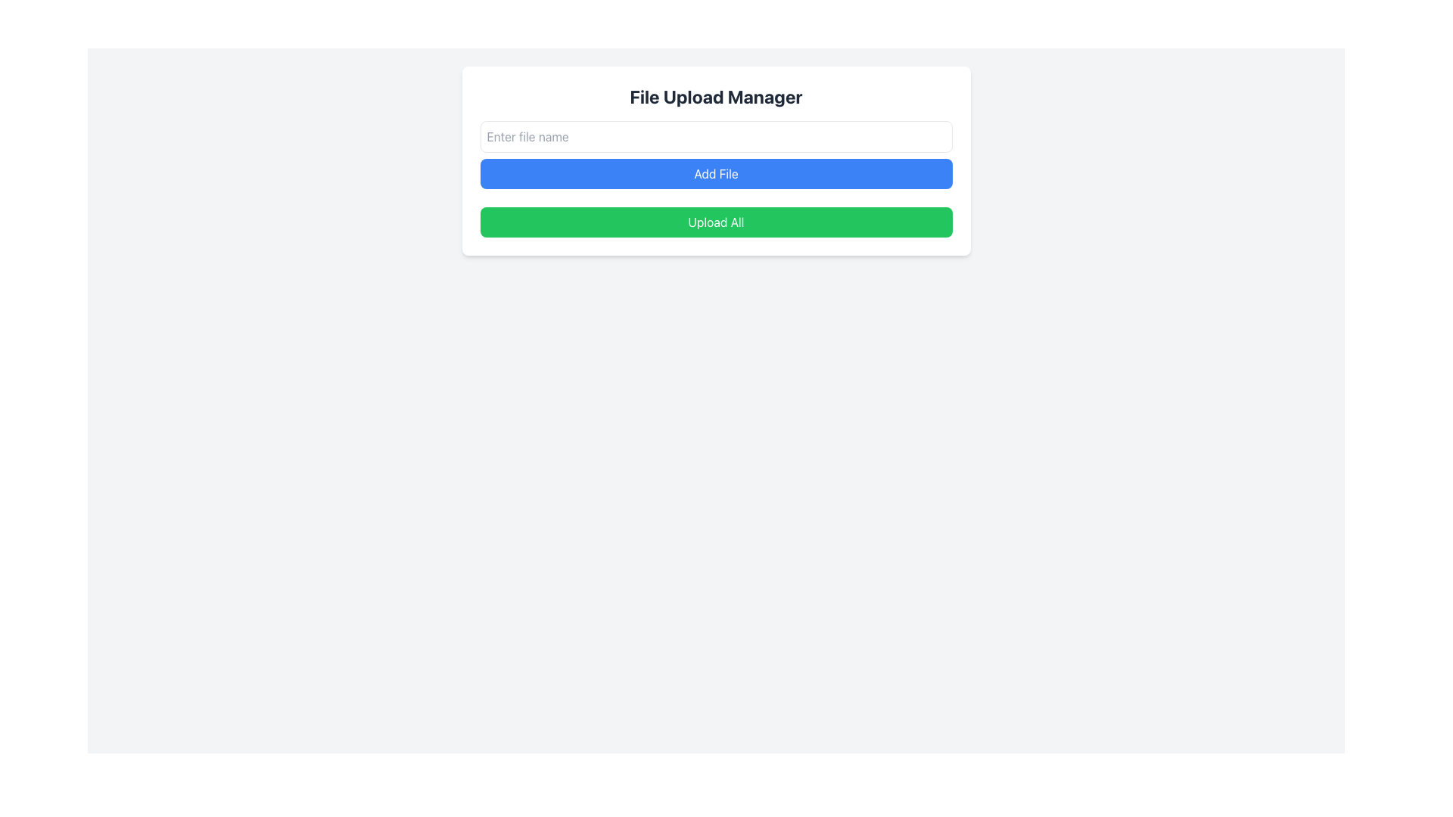 The width and height of the screenshot is (1453, 817). I want to click on the 'Add File' button with a blue background and white text located in the 'File Upload Manager' card, so click(715, 154).